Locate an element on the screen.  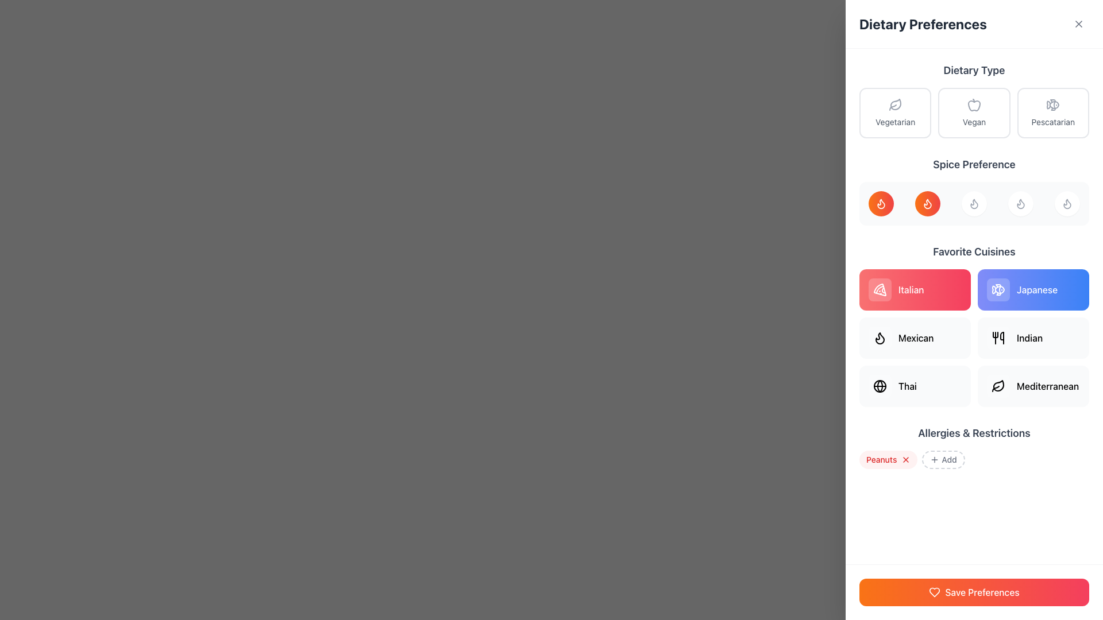
the selectable option card representing 'Vegan', which includes a gray apple icon and faint gray text, located in the middle of the 'Dietary Type' section is located at coordinates (973, 113).